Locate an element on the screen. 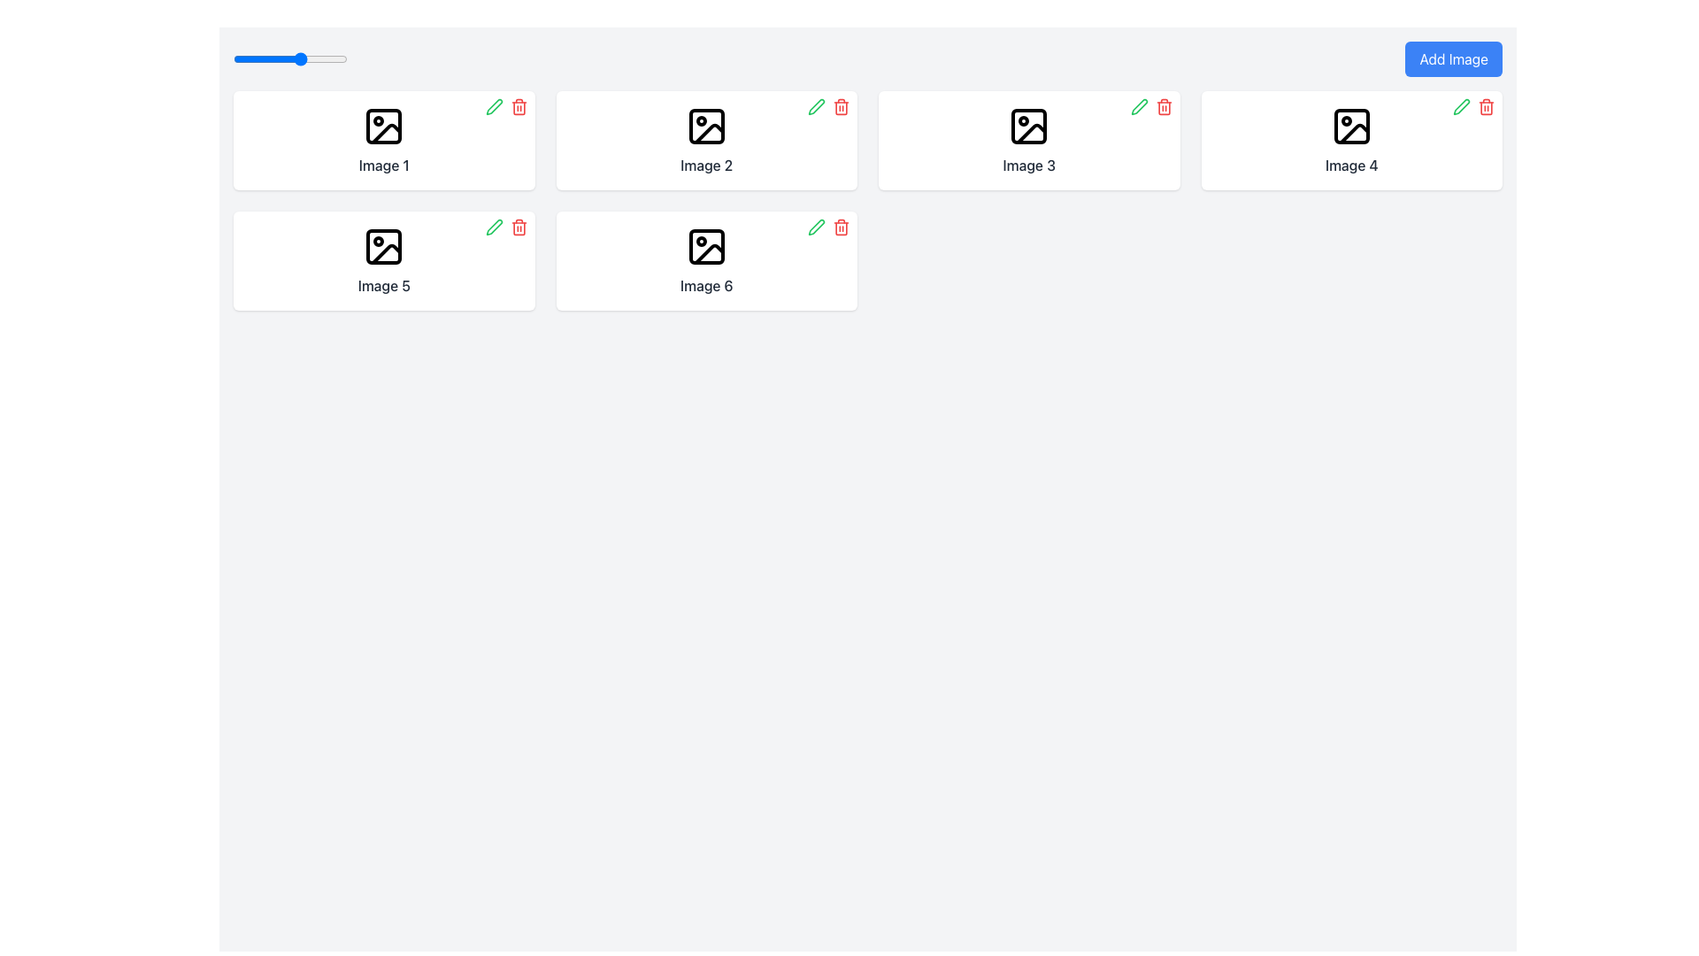 Image resolution: width=1699 pixels, height=956 pixels. the red trash icon button located in the top-right area of the card is located at coordinates (1164, 106).